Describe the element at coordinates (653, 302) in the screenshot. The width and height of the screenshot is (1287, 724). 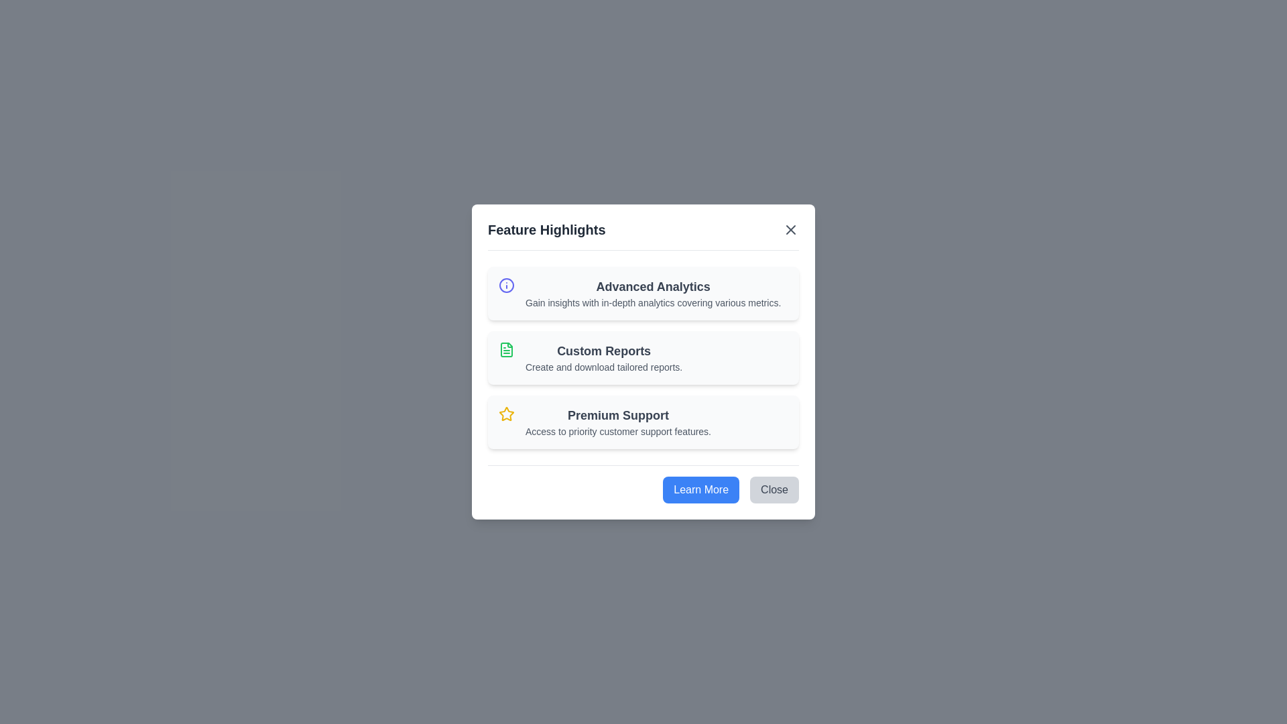
I see `the textual description styled in a smaller gray font located below the 'Advanced Analytics' header in the first feature box` at that location.